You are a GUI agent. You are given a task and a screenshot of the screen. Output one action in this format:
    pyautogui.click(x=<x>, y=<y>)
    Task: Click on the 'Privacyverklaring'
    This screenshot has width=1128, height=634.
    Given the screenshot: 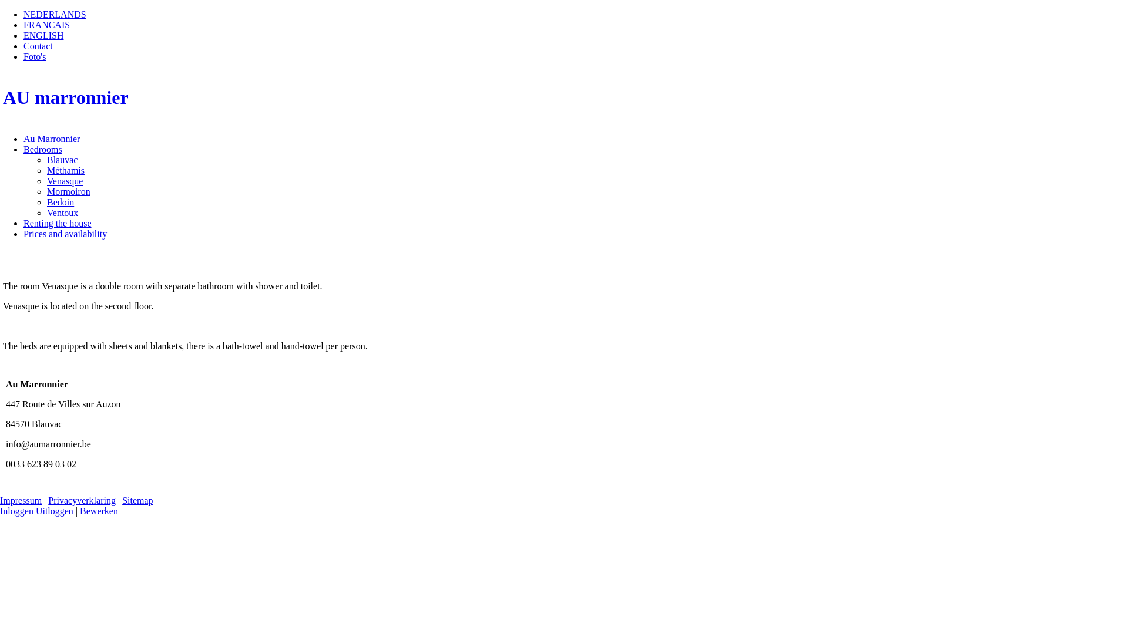 What is the action you would take?
    pyautogui.click(x=81, y=500)
    